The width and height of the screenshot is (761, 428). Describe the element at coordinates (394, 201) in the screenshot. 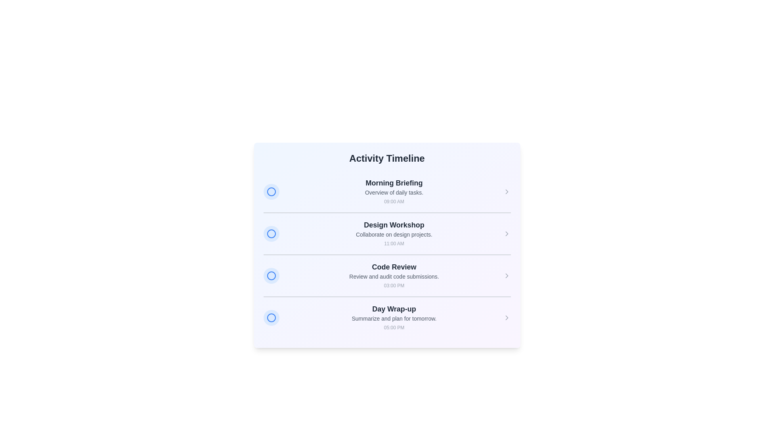

I see `the text label displaying '09:00 AM' which is positioned below the 'Morning Briefing' title and the description 'Overview of daily tasks.'` at that location.